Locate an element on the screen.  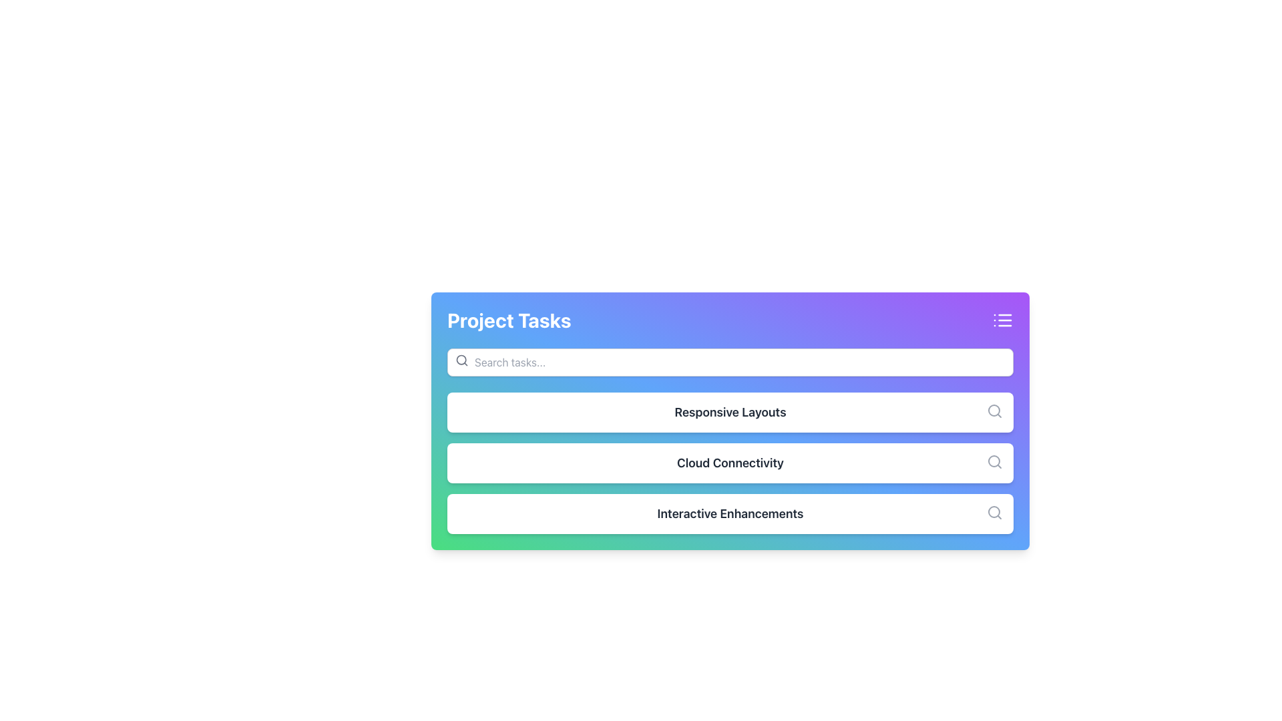
the circular magnifying glass icon located at the top-right corner of the 'Responsive Layouts' card is located at coordinates (994, 411).